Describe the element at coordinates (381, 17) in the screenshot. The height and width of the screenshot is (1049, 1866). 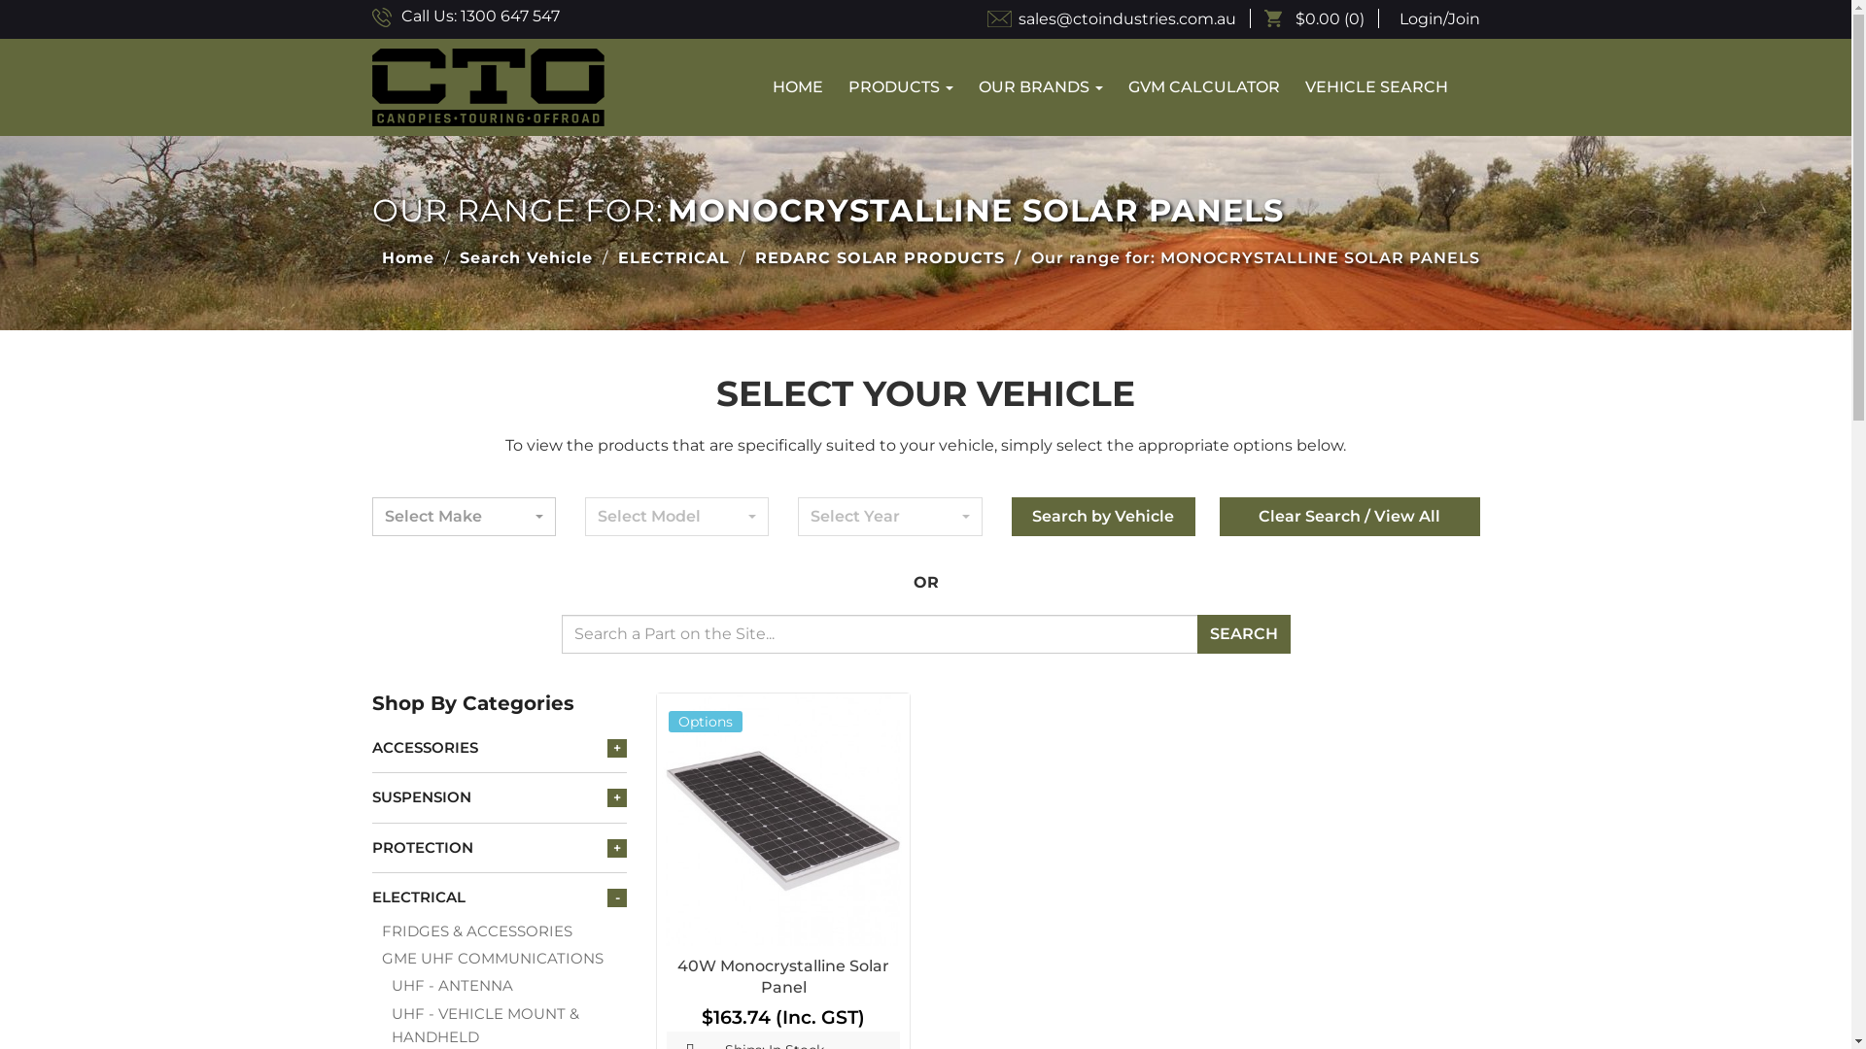
I see `'Call Us'` at that location.